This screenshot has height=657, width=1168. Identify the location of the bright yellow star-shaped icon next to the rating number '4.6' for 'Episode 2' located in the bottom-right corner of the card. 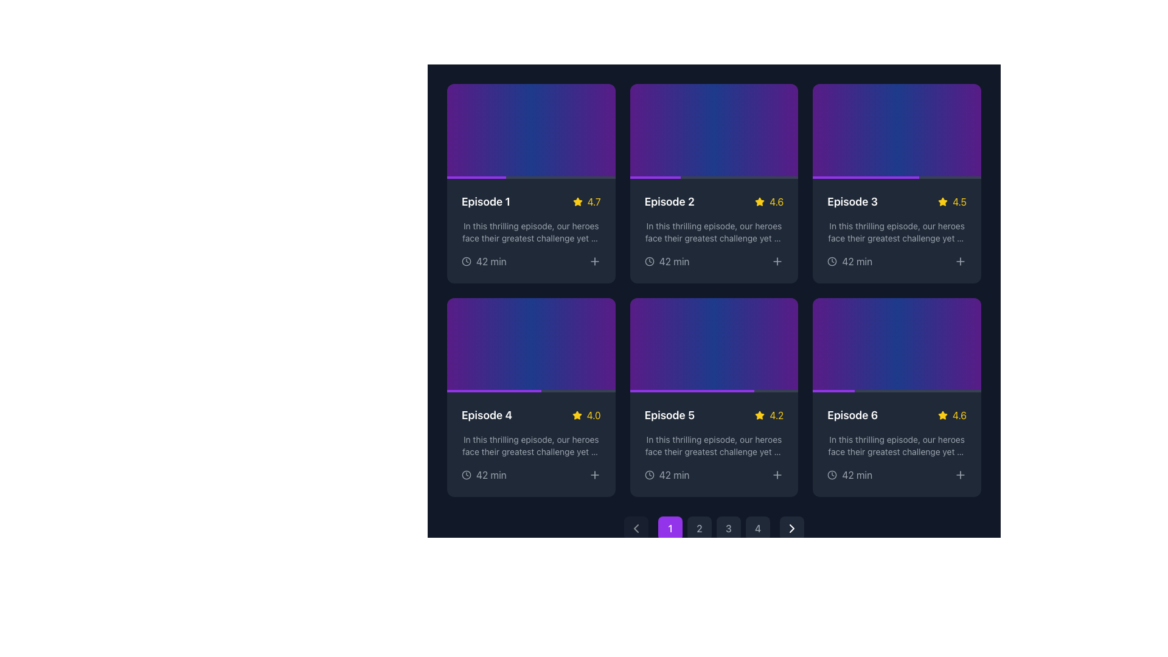
(759, 201).